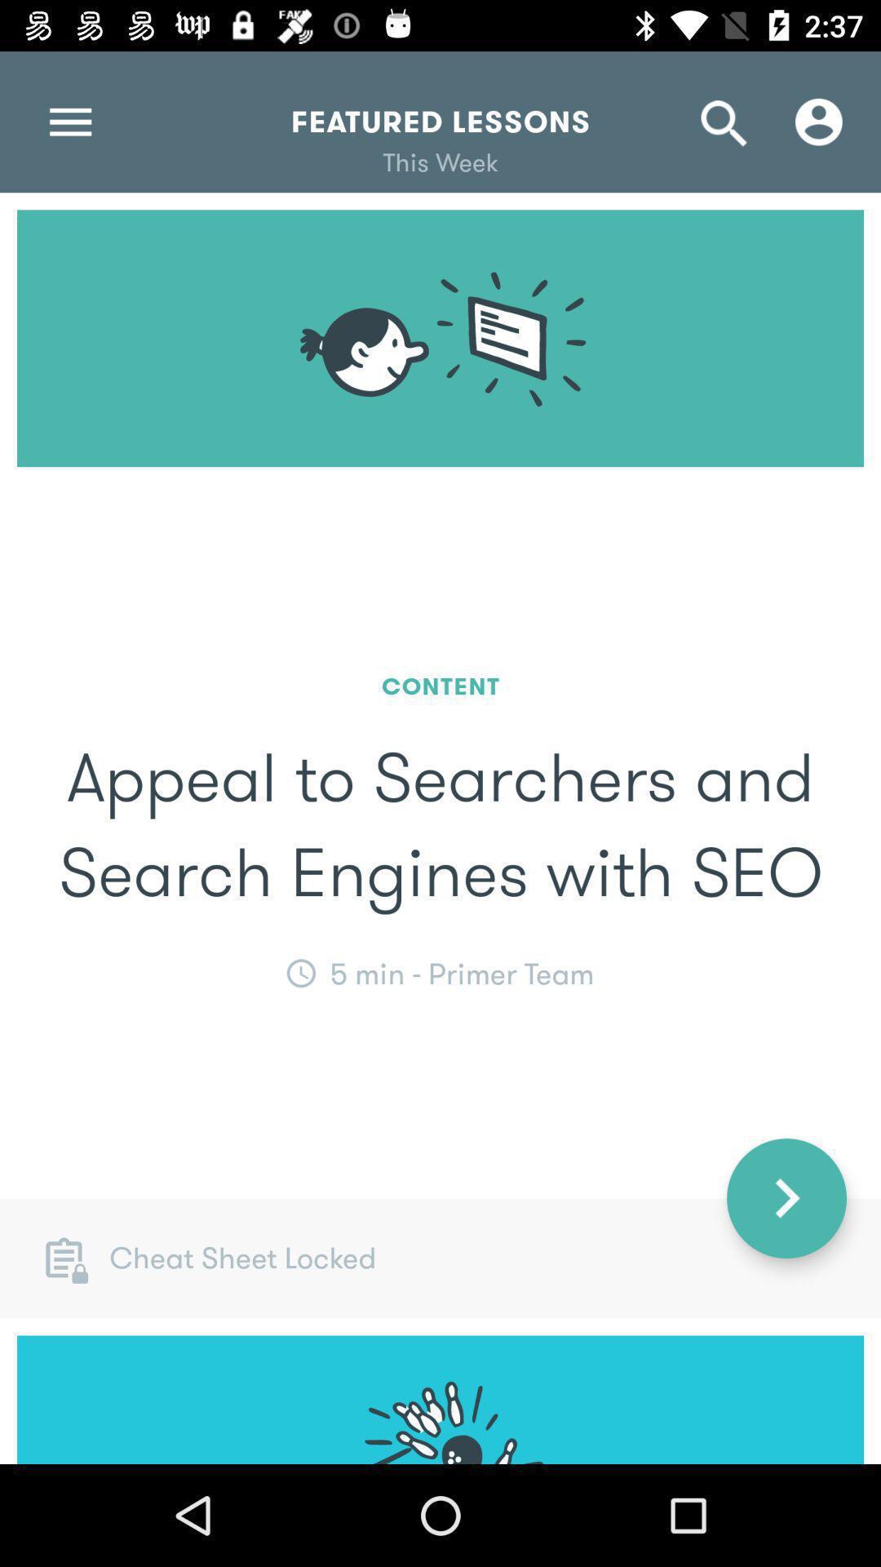 The width and height of the screenshot is (881, 1567). I want to click on the menu icon, so click(69, 121).